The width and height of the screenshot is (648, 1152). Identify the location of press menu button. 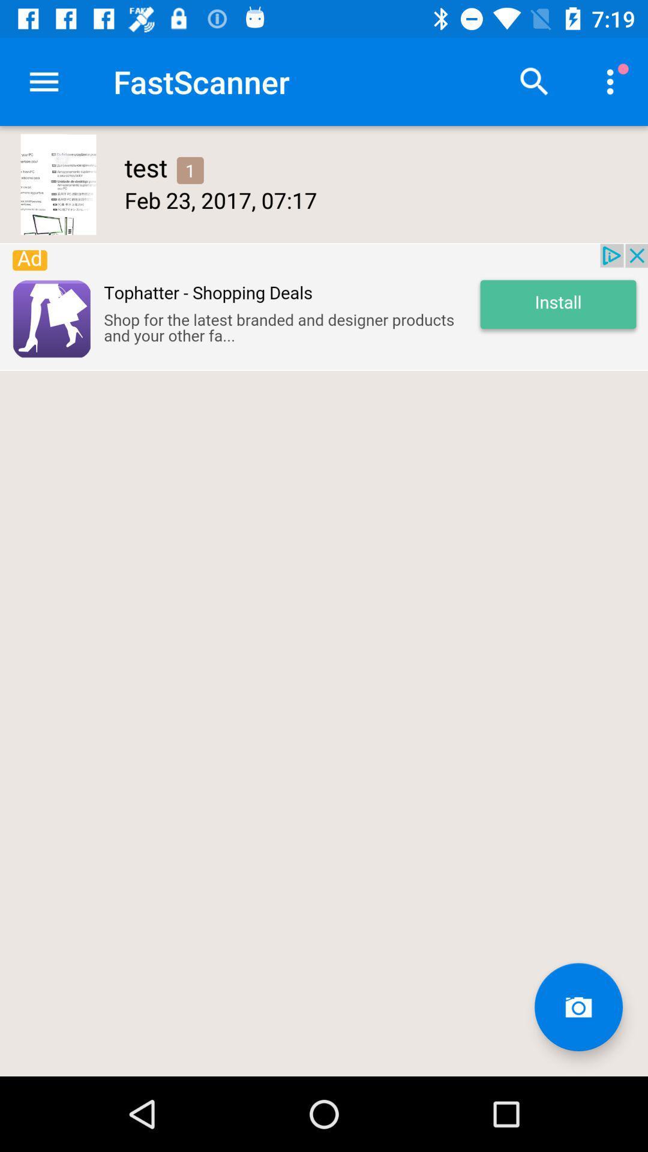
(43, 81).